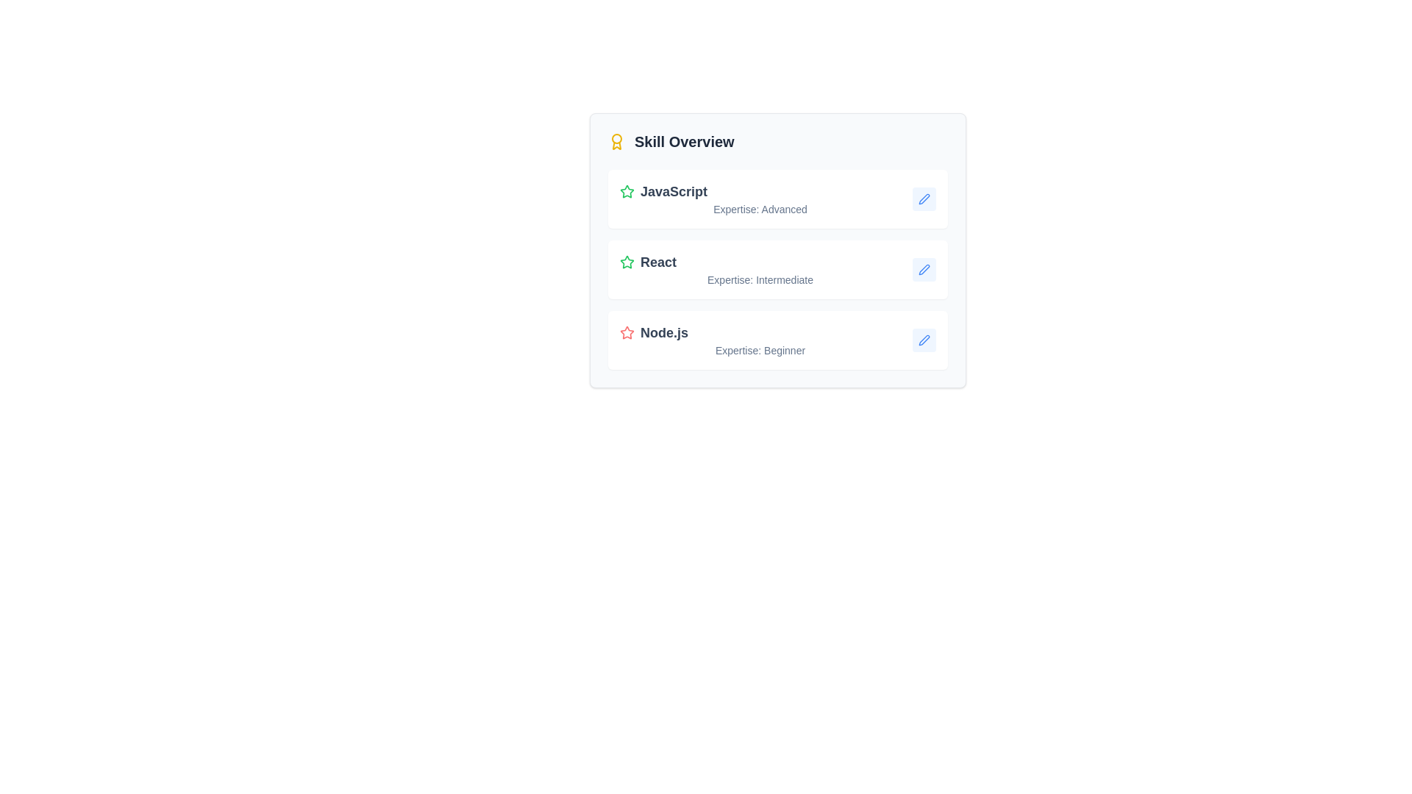 The height and width of the screenshot is (794, 1412). I want to click on the Composite information display for the skill 'React' with expertise level 'Intermediate', located in the 'Skill Overview' section, as the second item in the list, so click(760, 269).